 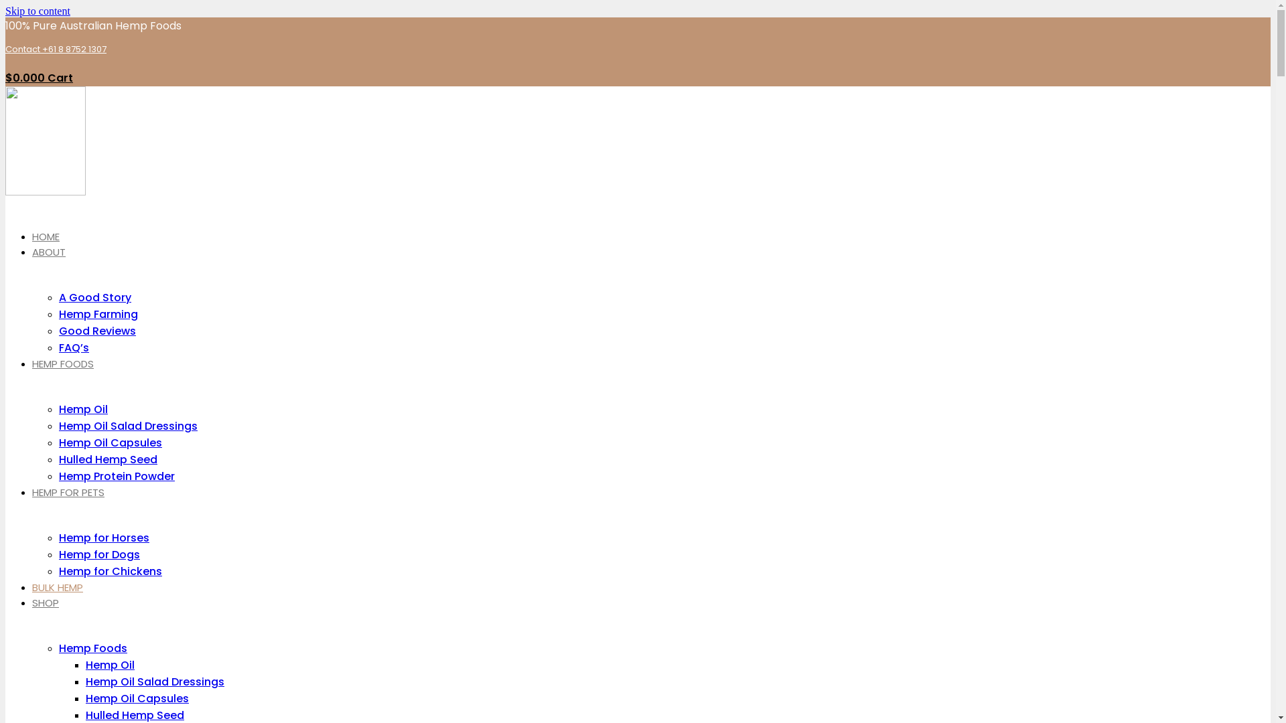 What do you see at coordinates (38, 11) in the screenshot?
I see `'Skip to content'` at bounding box center [38, 11].